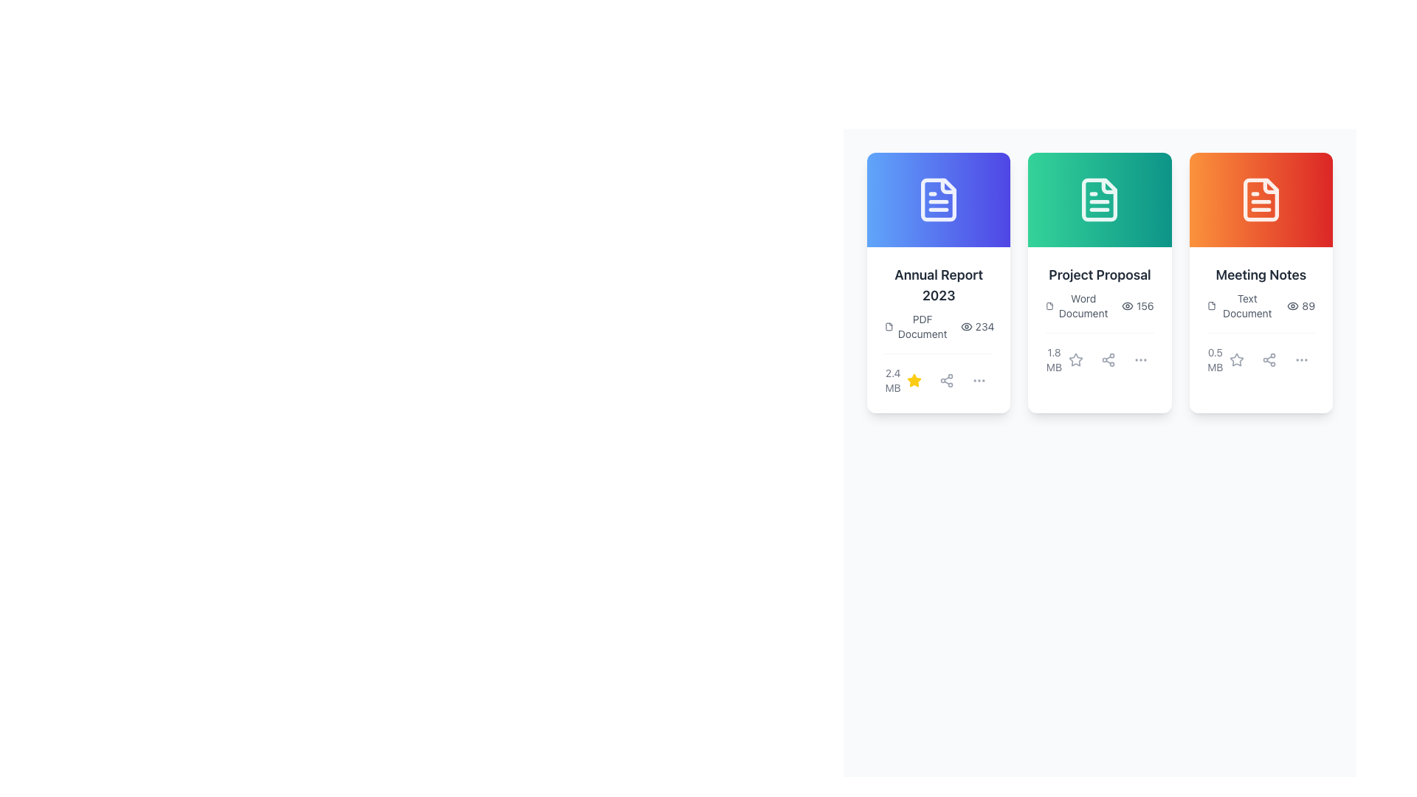 The width and height of the screenshot is (1417, 797). I want to click on the interactive icon button for sharing located, so click(1268, 360).